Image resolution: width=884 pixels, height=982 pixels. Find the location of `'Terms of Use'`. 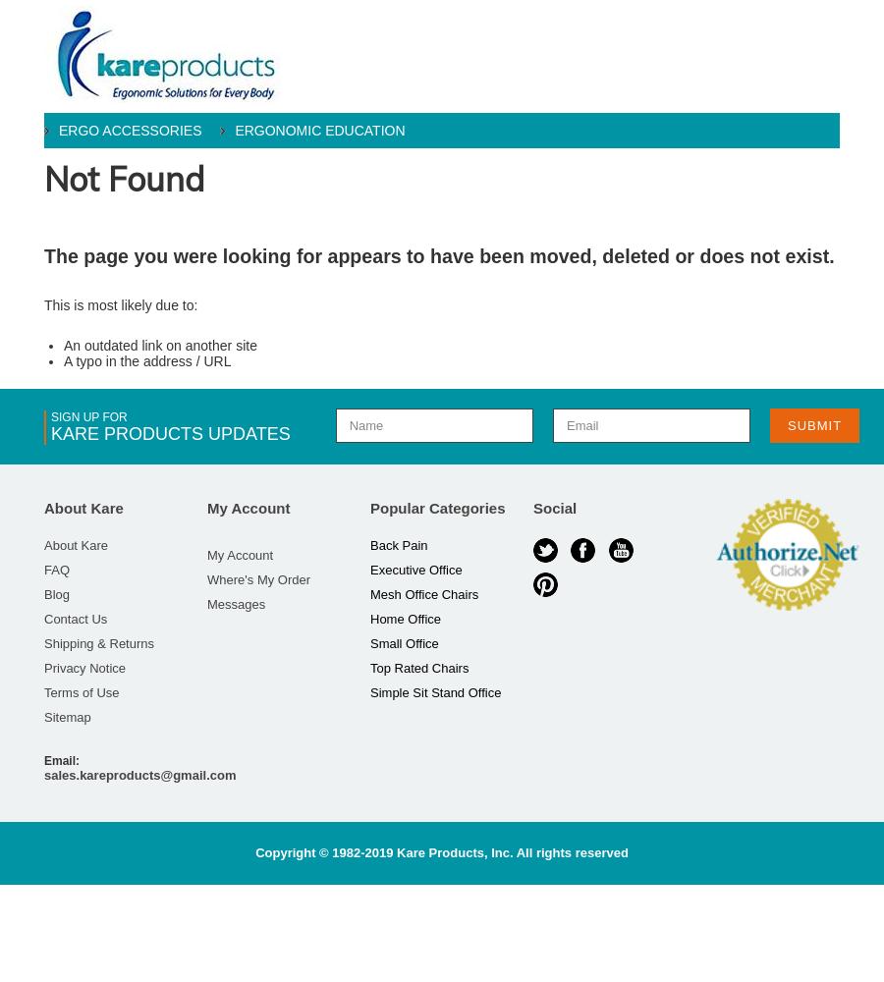

'Terms of Use' is located at coordinates (80, 691).